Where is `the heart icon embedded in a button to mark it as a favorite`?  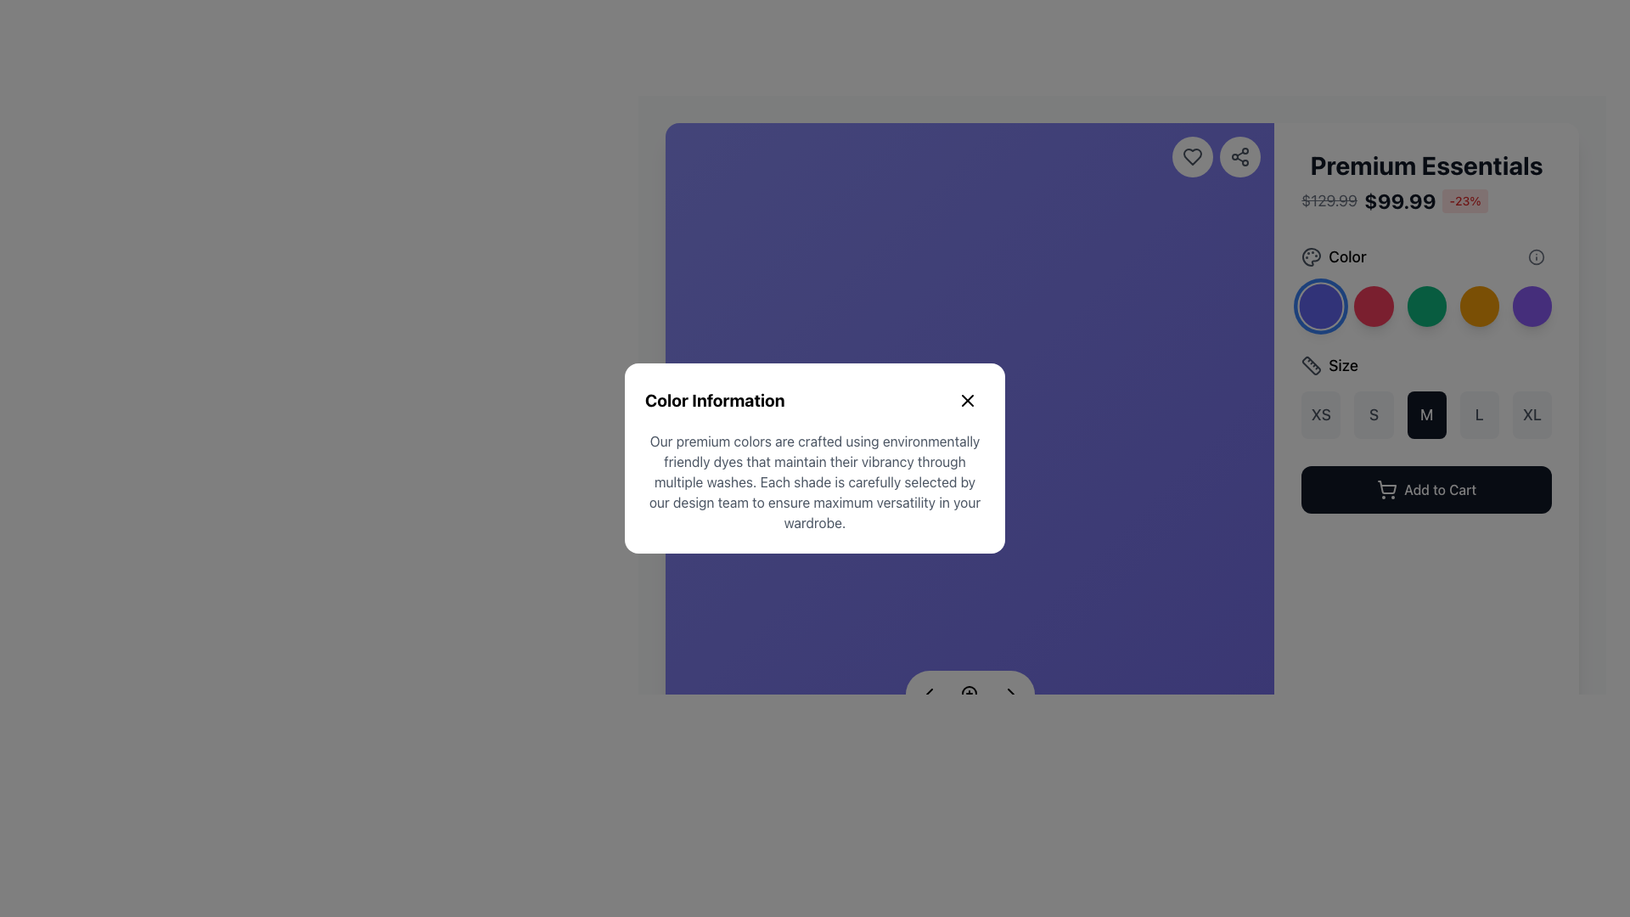 the heart icon embedded in a button to mark it as a favorite is located at coordinates (1192, 157).